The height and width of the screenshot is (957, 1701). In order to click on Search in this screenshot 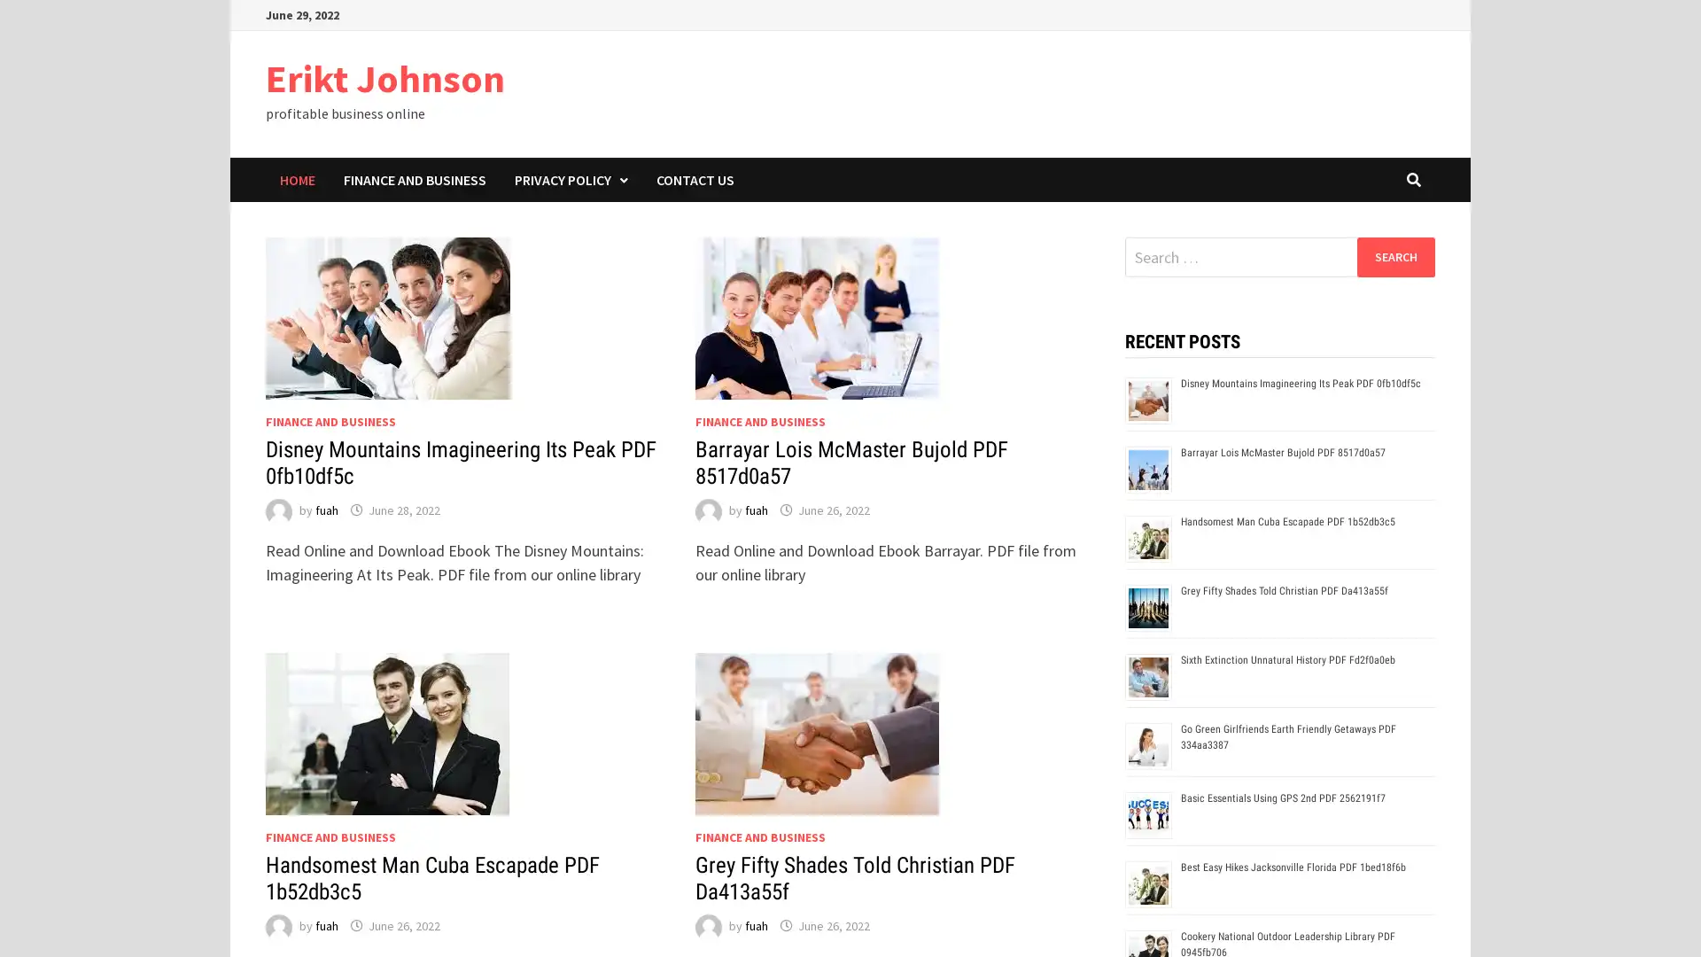, I will do `click(1394, 256)`.